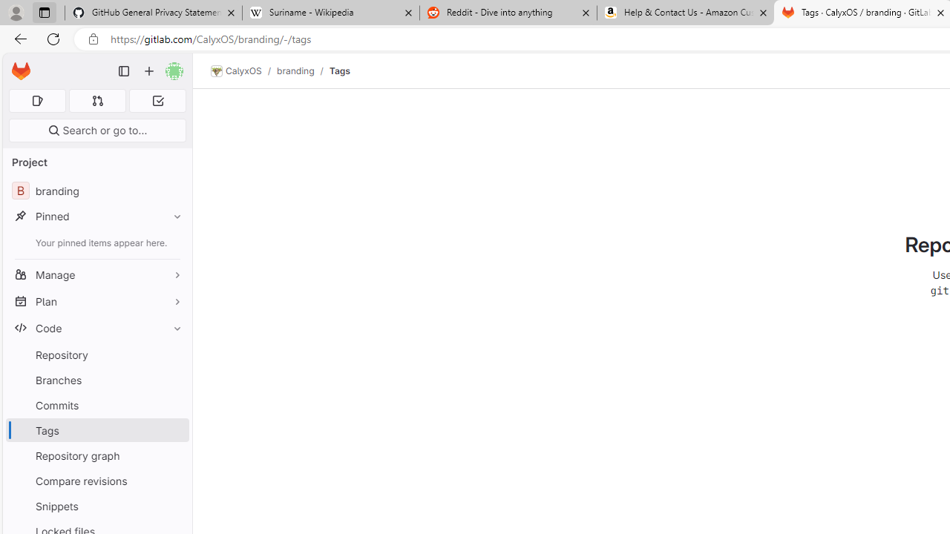 Image resolution: width=950 pixels, height=534 pixels. I want to click on 'Pin Compare revisions', so click(174, 481).